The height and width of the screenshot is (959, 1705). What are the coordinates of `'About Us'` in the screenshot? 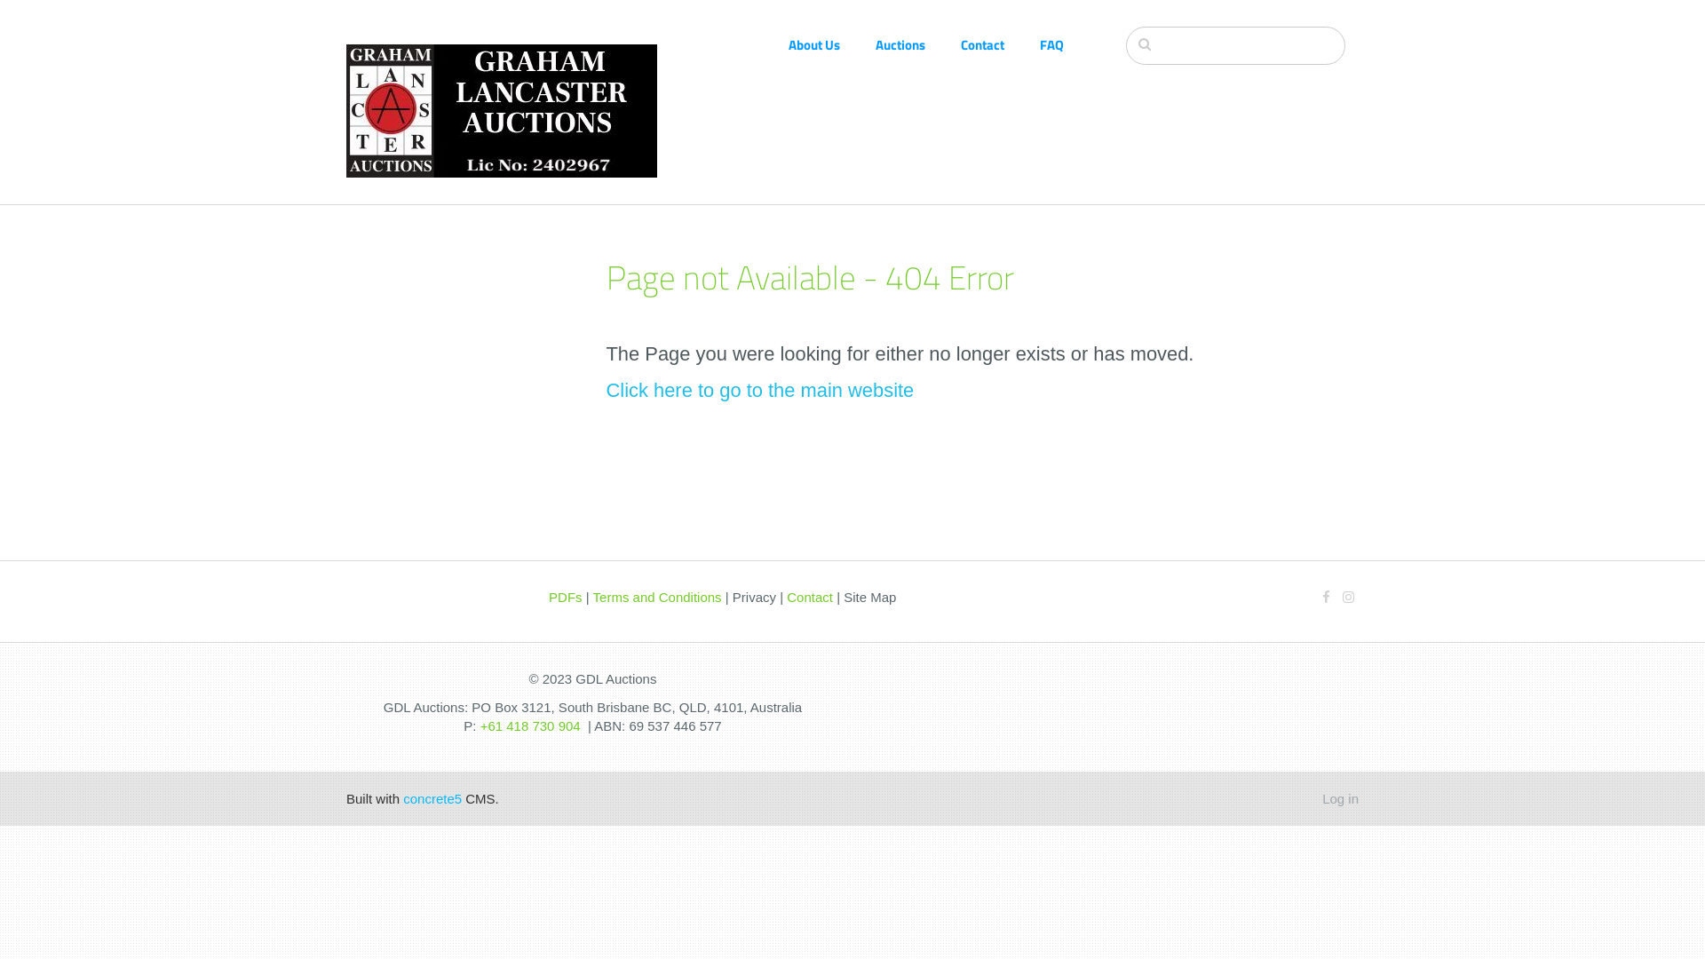 It's located at (830, 44).